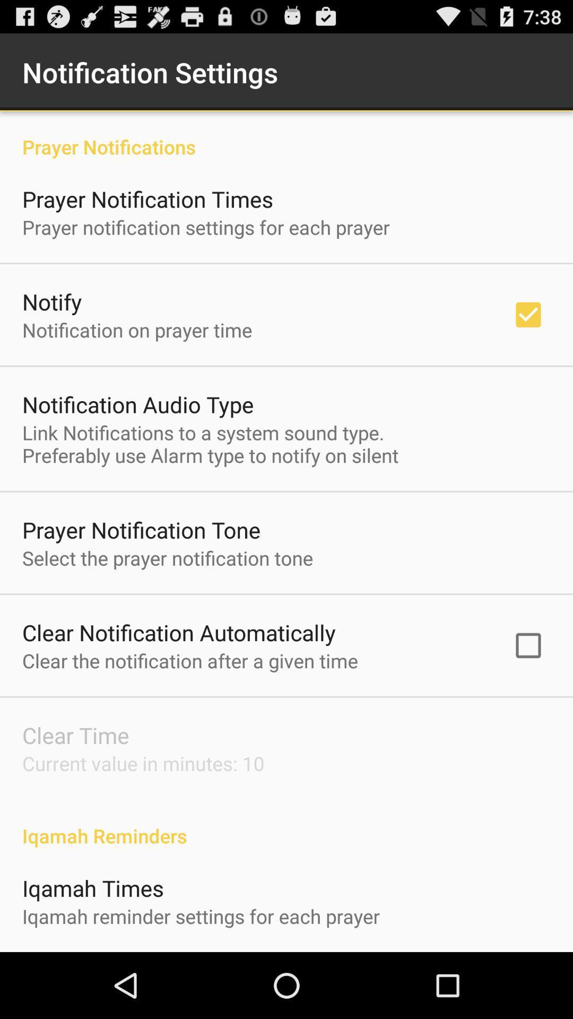 The image size is (573, 1019). What do you see at coordinates (286, 824) in the screenshot?
I see `icon below current value in` at bounding box center [286, 824].